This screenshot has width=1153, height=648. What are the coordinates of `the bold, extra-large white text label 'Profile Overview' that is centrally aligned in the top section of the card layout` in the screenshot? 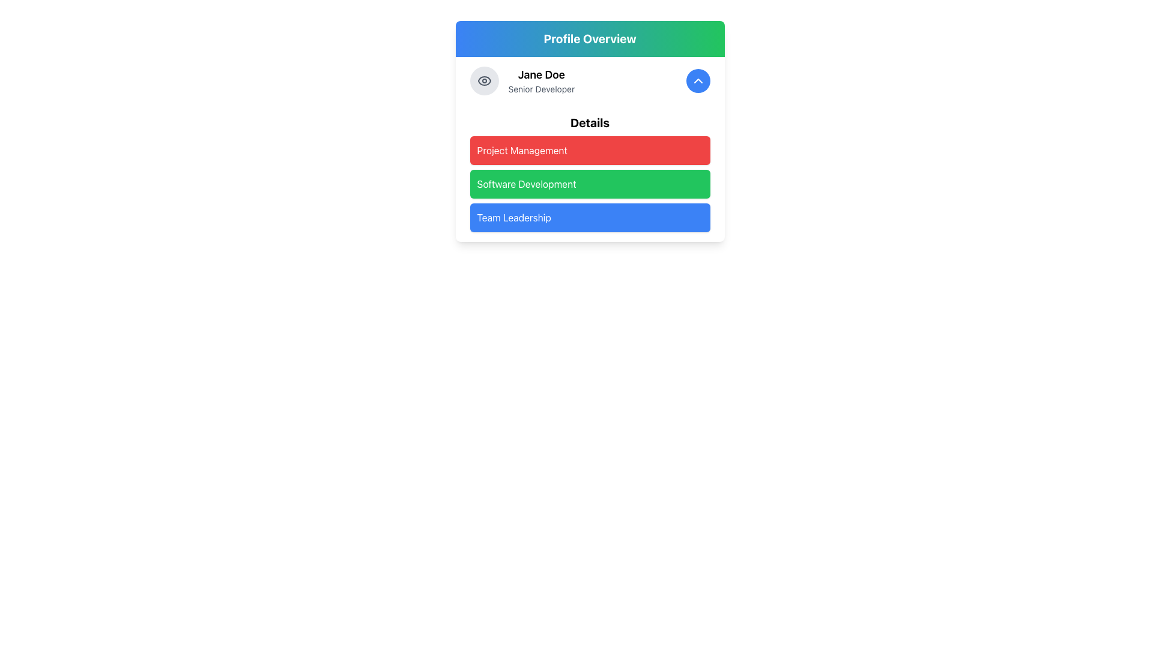 It's located at (590, 38).